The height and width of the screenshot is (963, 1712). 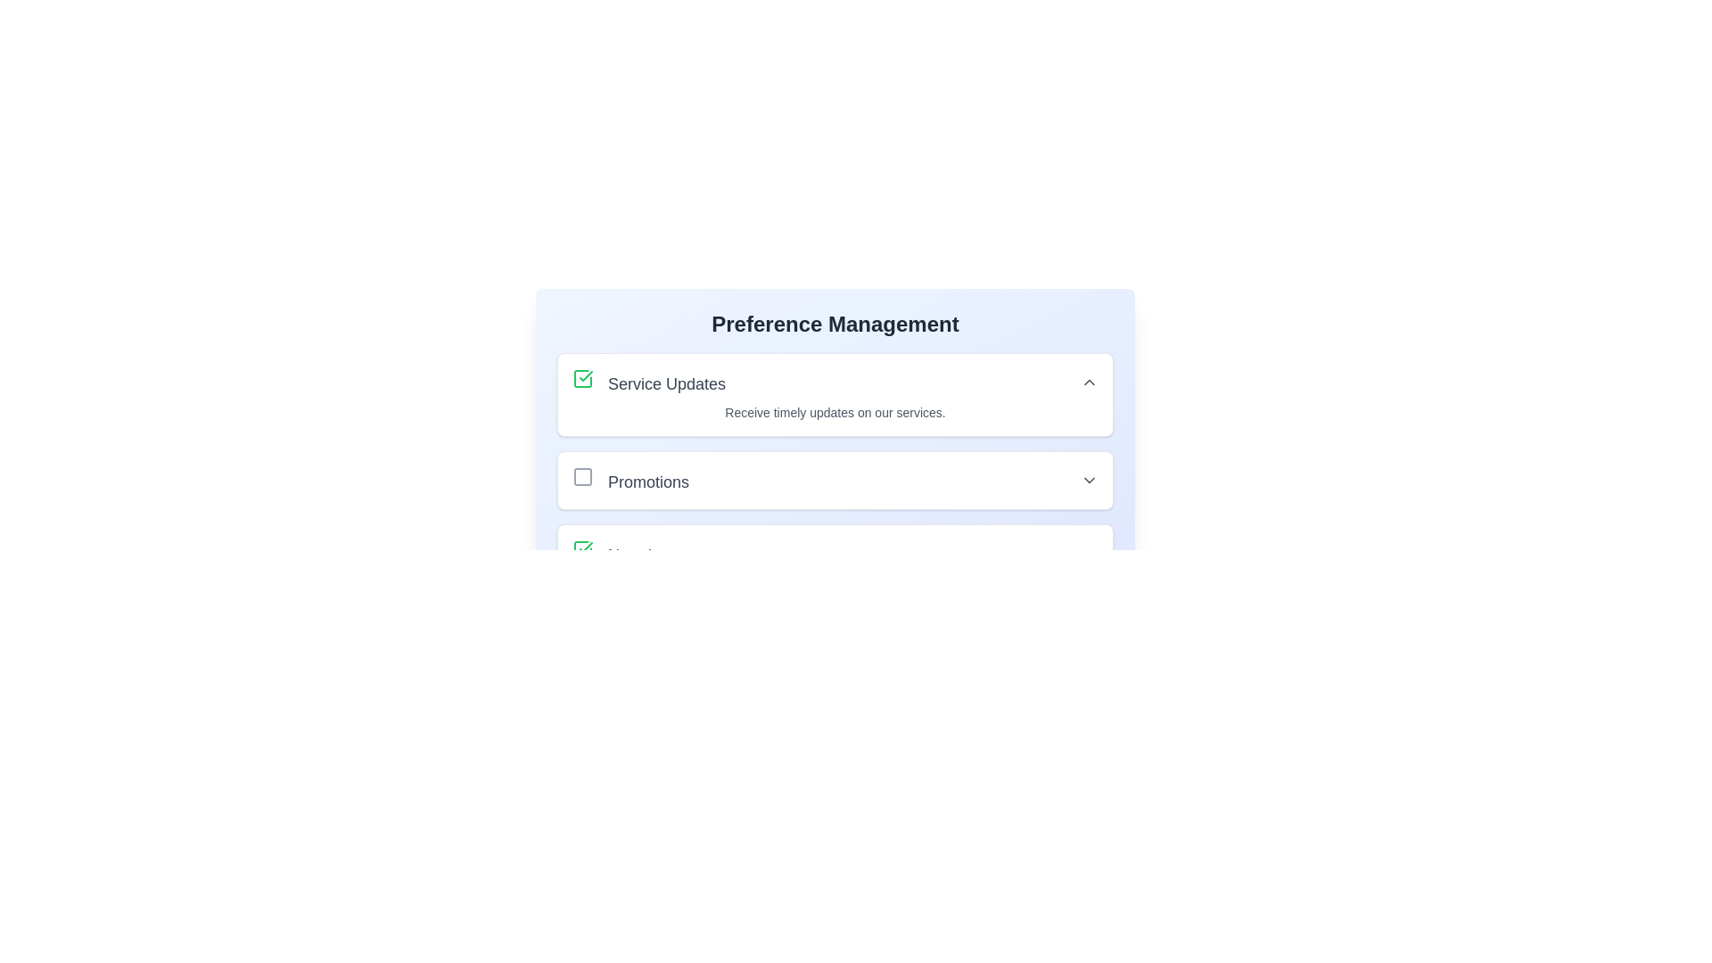 I want to click on the 'Newsletters' checkbox by using the keyboard, so click(x=582, y=549).